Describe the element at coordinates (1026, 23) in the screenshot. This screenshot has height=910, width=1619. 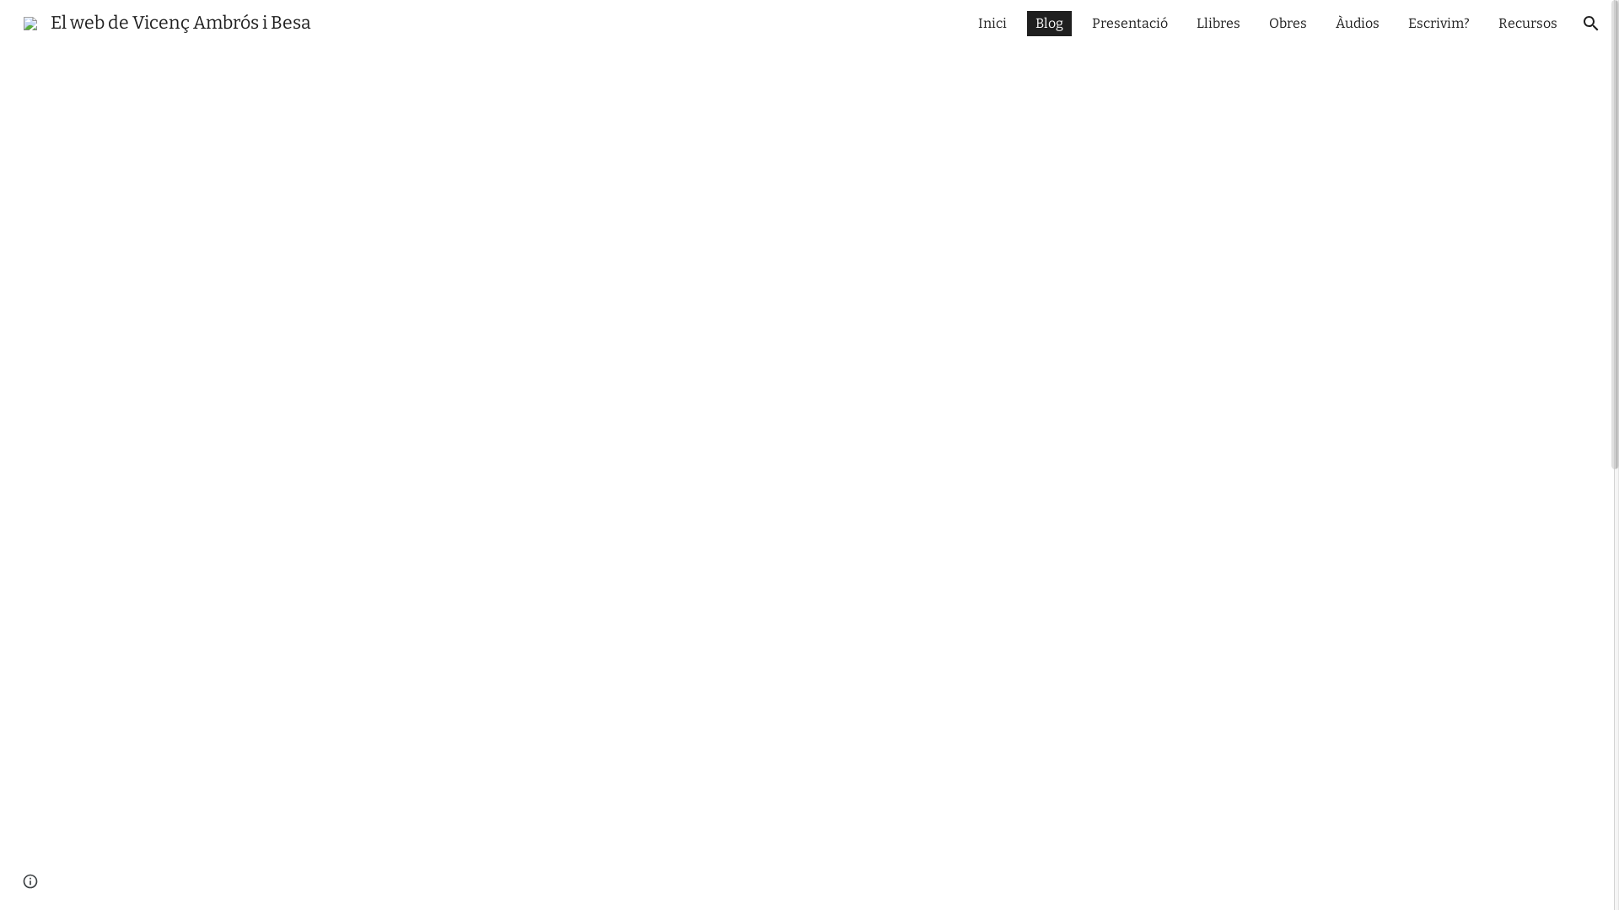
I see `'Blog'` at that location.